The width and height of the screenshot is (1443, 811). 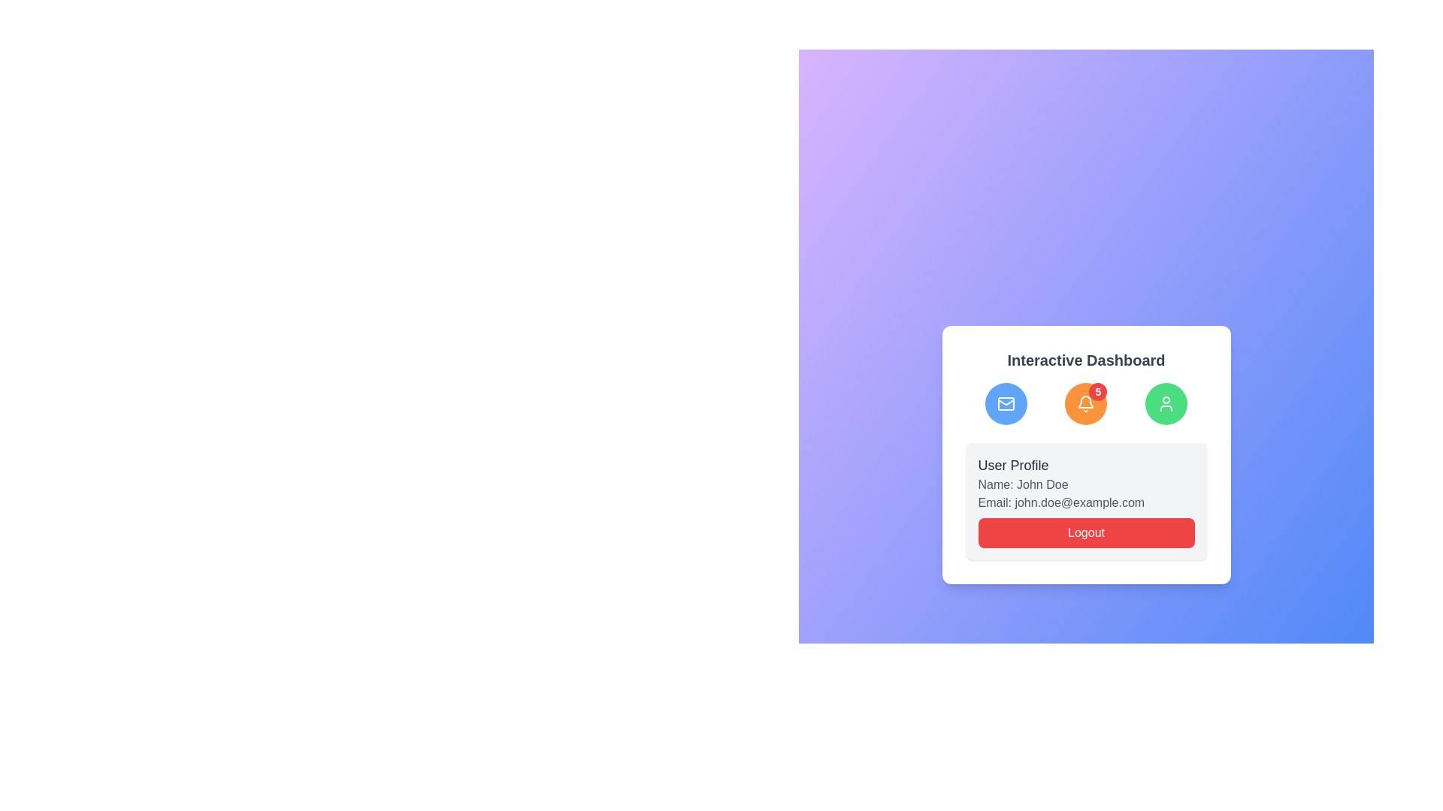 What do you see at coordinates (1166, 402) in the screenshot?
I see `the green circular button with white text and a user icon located in the top-right section of the 'Interactive Dashboard' card` at bounding box center [1166, 402].